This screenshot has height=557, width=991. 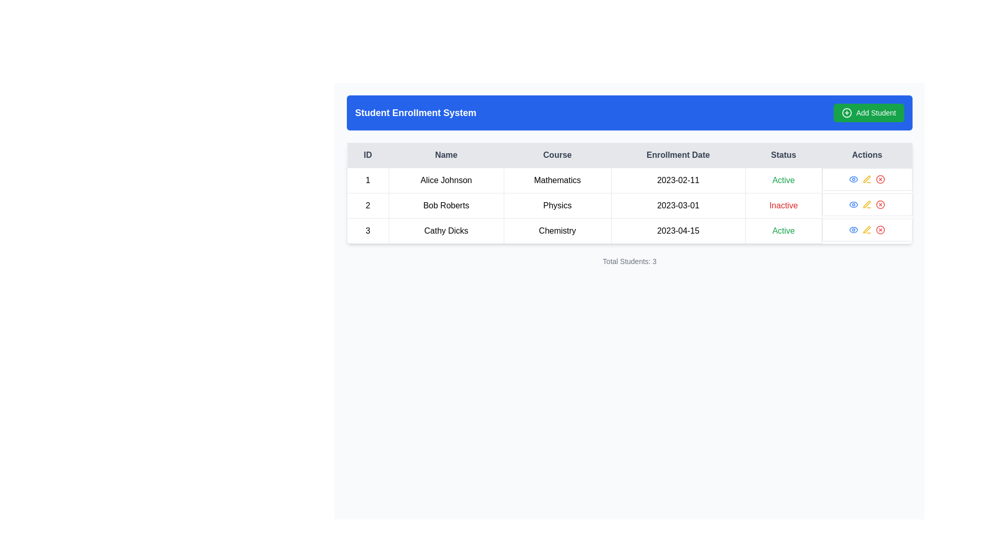 I want to click on the table cell displaying the number '2', which is the first cell in the second row under the 'ID' column, so click(x=367, y=205).